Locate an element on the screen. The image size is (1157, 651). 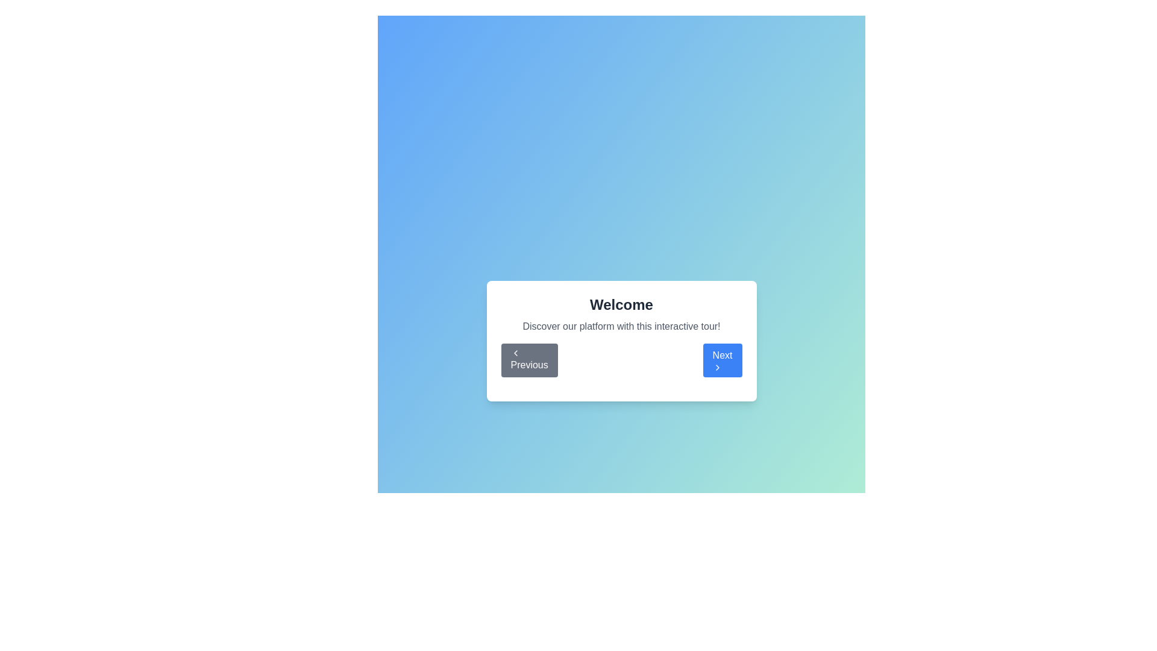
the left-pointing chevron icon within the 'Previous' button located in the footer section is located at coordinates (515, 353).